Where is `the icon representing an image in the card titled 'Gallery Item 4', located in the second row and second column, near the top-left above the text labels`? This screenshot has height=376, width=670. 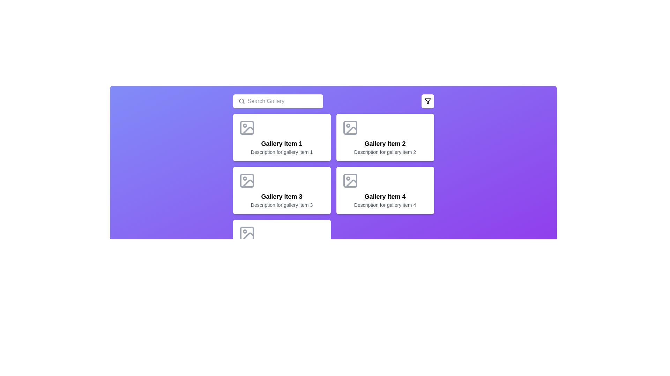 the icon representing an image in the card titled 'Gallery Item 4', located in the second row and second column, near the top-left above the text labels is located at coordinates (350, 180).